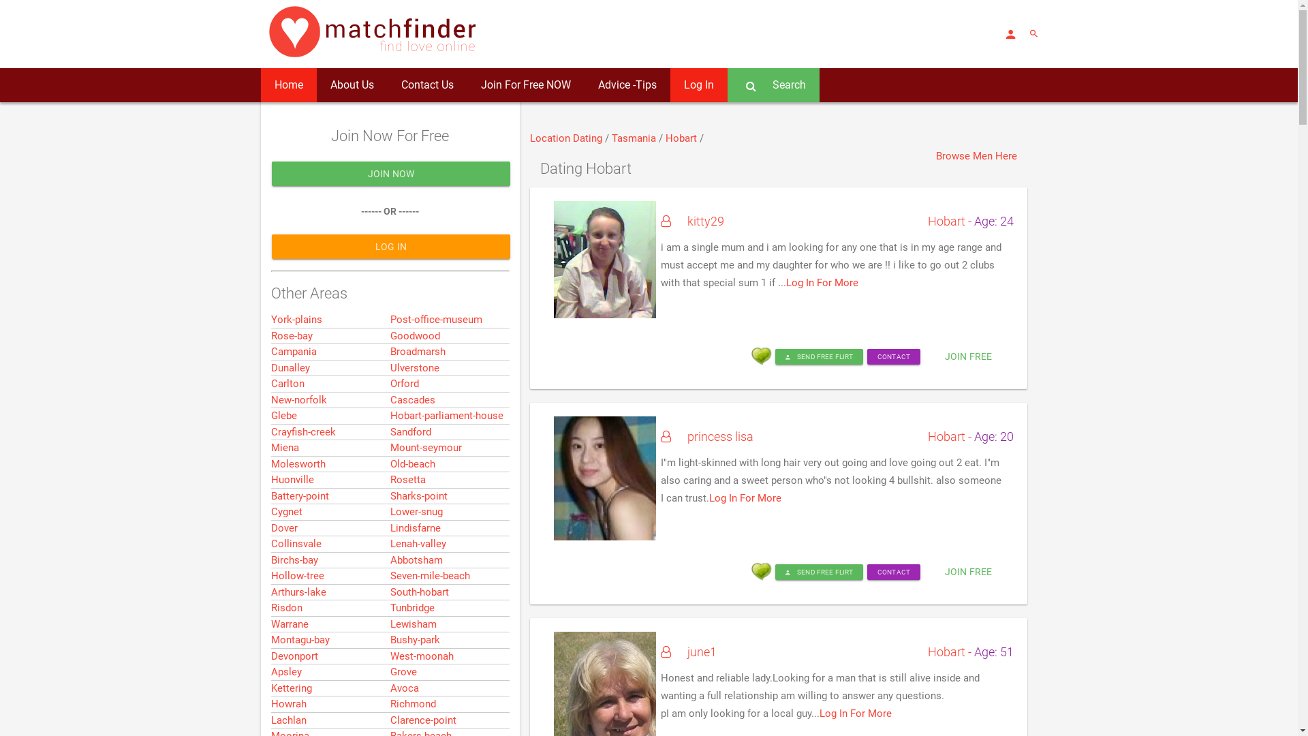 This screenshot has width=1308, height=736. What do you see at coordinates (289, 624) in the screenshot?
I see `'Warrane'` at bounding box center [289, 624].